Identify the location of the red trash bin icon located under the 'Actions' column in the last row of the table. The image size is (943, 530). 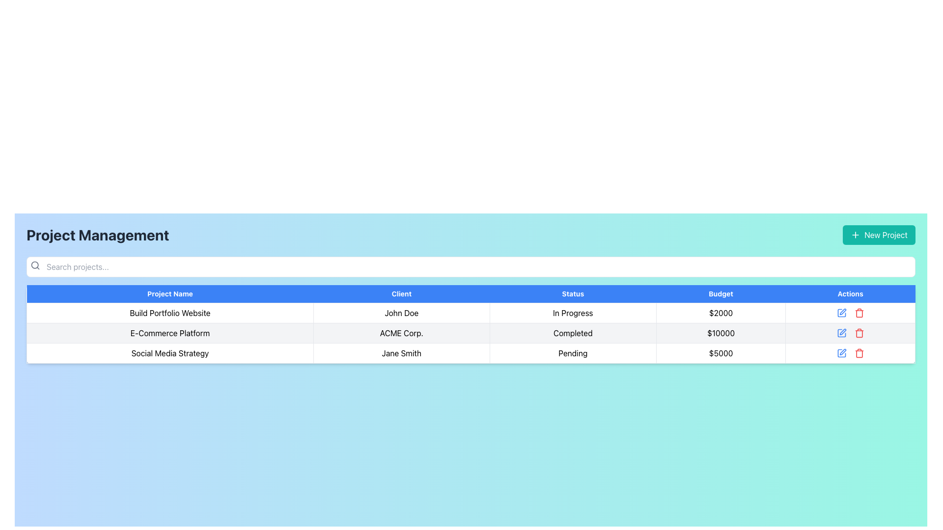
(859, 313).